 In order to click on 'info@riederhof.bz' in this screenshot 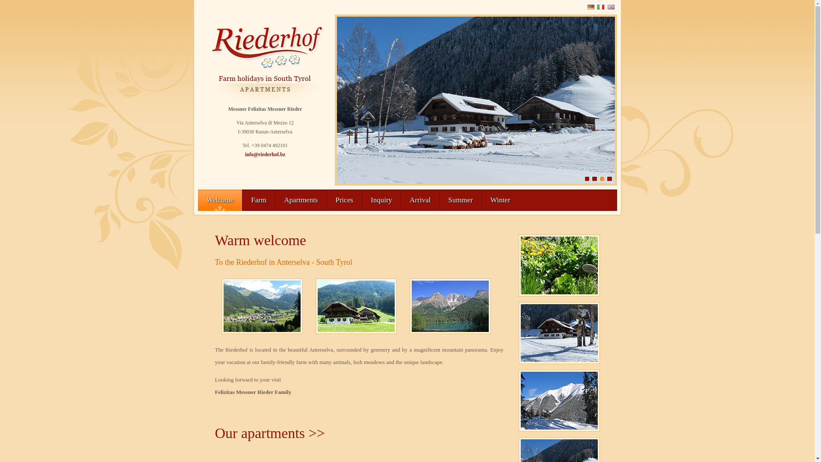, I will do `click(264, 154)`.